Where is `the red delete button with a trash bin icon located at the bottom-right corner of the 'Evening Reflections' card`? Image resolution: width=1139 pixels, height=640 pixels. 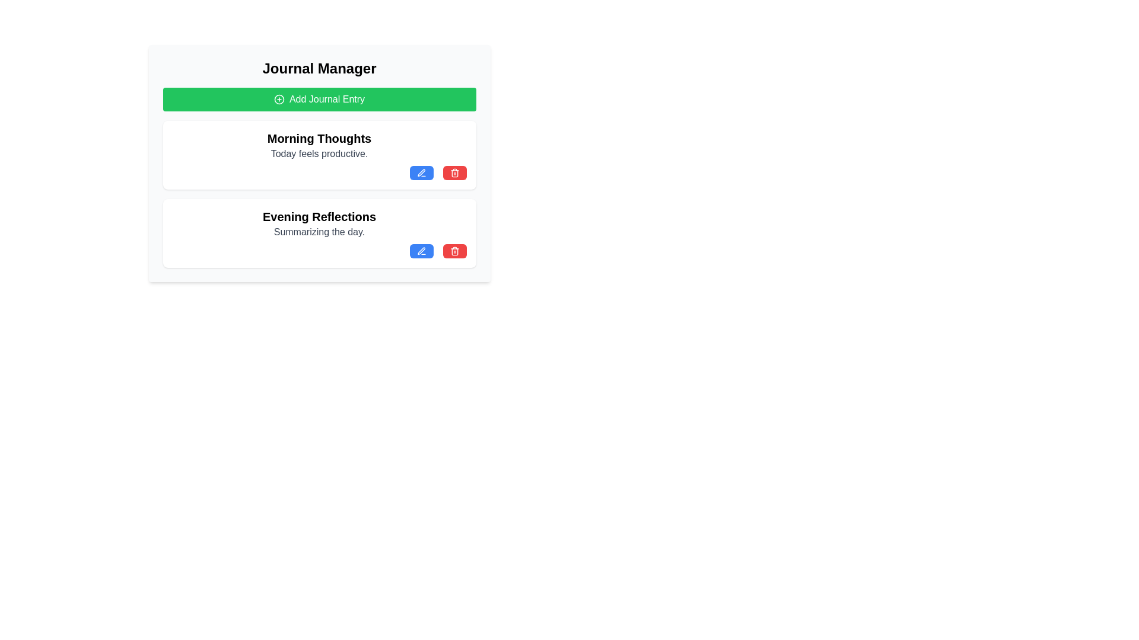
the red delete button with a trash bin icon located at the bottom-right corner of the 'Evening Reflections' card is located at coordinates (454, 251).